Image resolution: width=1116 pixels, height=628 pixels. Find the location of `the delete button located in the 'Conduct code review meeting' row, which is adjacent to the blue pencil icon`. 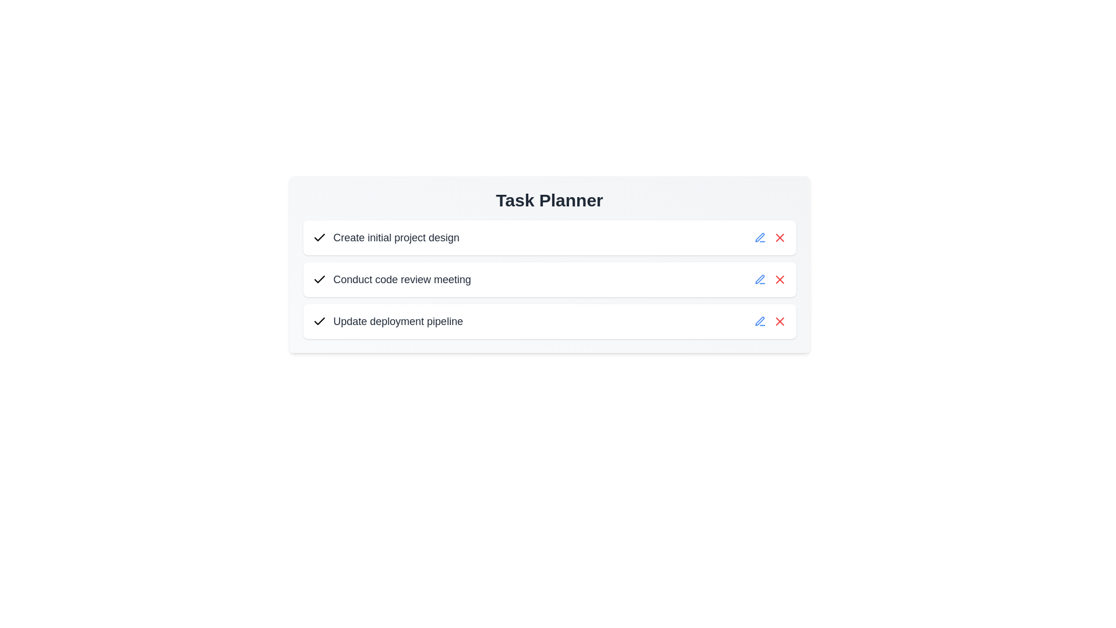

the delete button located in the 'Conduct code review meeting' row, which is adjacent to the blue pencil icon is located at coordinates (779, 280).